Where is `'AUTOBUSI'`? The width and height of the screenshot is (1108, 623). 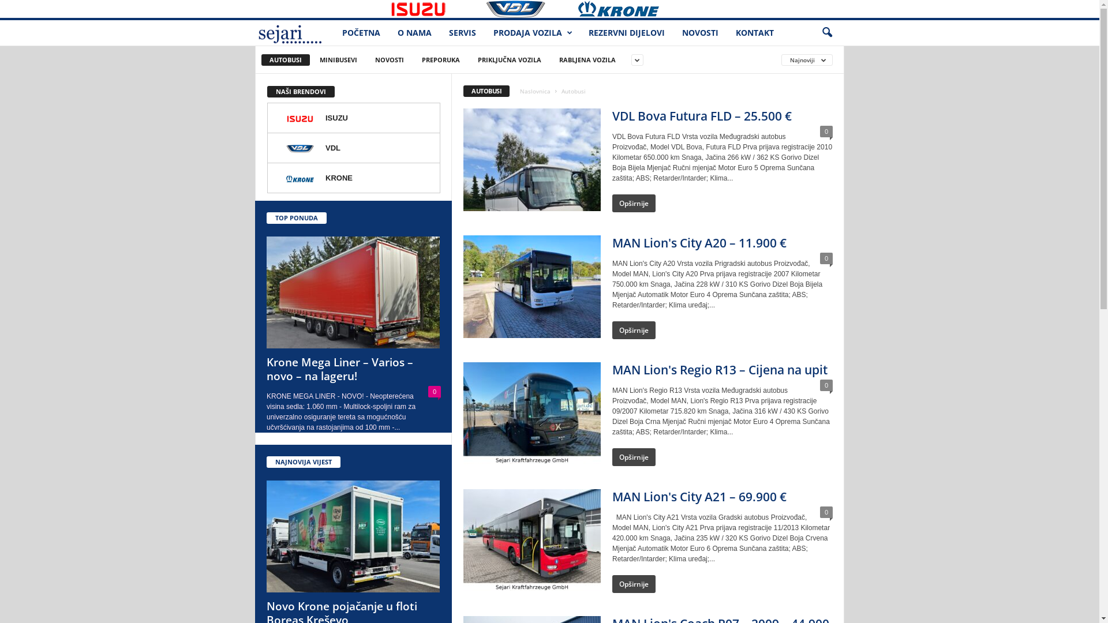
'AUTOBUSI' is located at coordinates (285, 60).